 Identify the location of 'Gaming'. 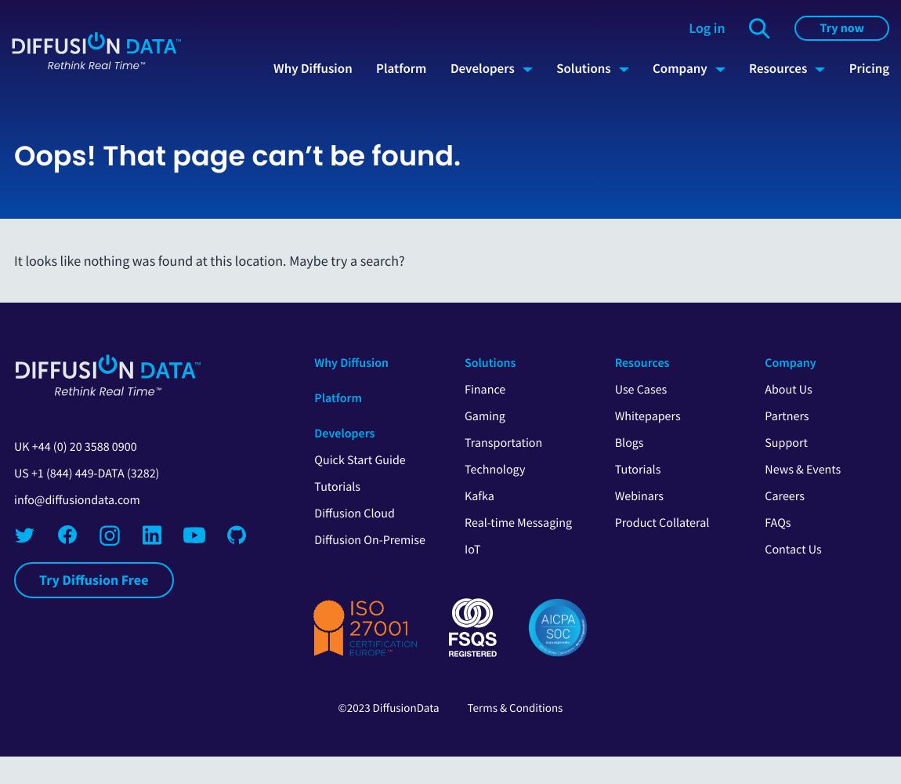
(483, 416).